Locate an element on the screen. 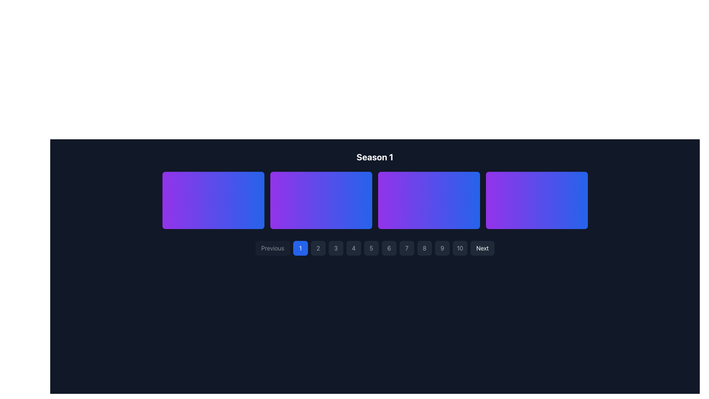 Image resolution: width=709 pixels, height=399 pixels. the button labeled '5' is located at coordinates (371, 248).